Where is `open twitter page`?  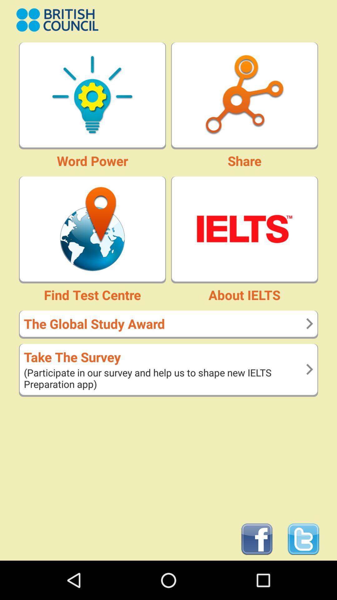 open twitter page is located at coordinates (303, 539).